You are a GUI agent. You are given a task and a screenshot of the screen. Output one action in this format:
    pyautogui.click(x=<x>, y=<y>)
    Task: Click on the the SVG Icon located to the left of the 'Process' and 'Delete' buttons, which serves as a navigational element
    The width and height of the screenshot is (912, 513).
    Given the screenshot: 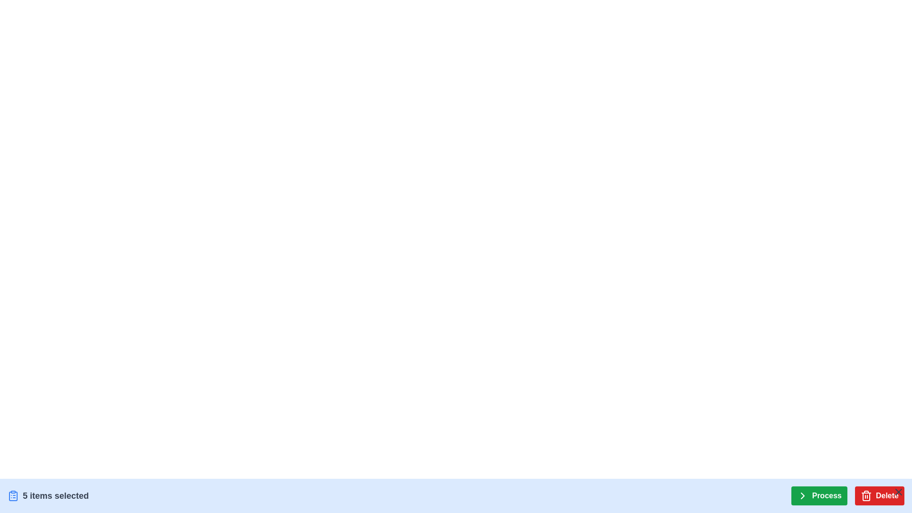 What is the action you would take?
    pyautogui.click(x=802, y=495)
    